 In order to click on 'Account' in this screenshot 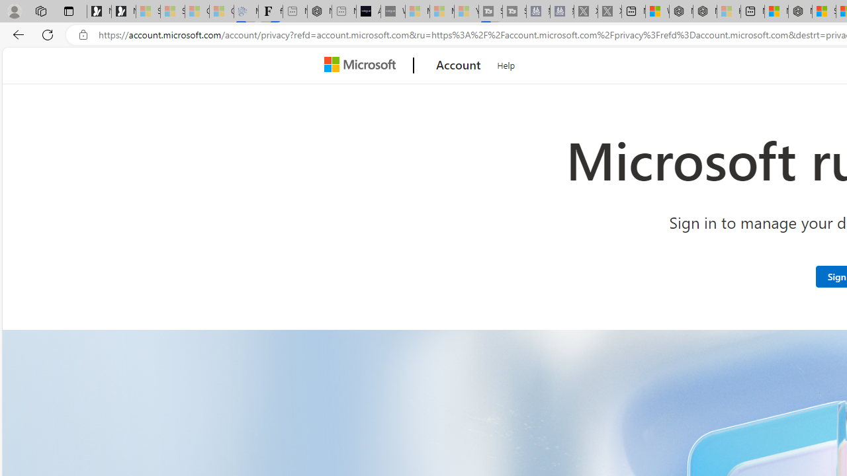, I will do `click(459, 65)`.